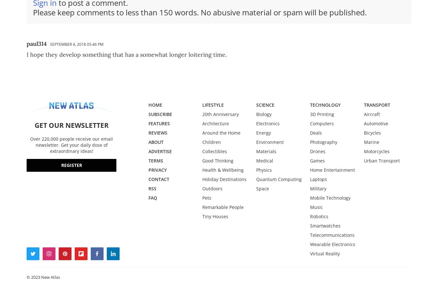  Describe the element at coordinates (330, 197) in the screenshot. I see `'Mobile Technology'` at that location.